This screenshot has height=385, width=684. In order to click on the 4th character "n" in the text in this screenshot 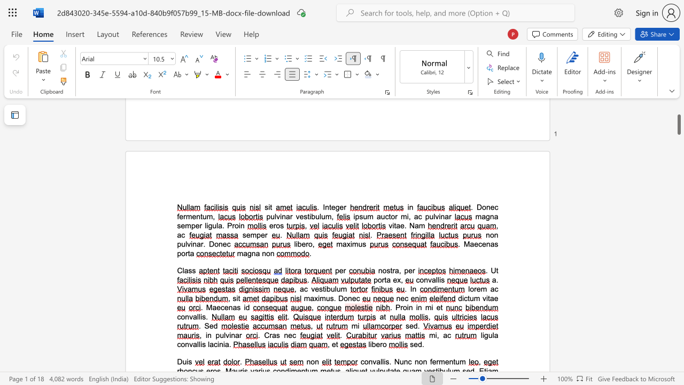, I will do `click(220, 244)`.